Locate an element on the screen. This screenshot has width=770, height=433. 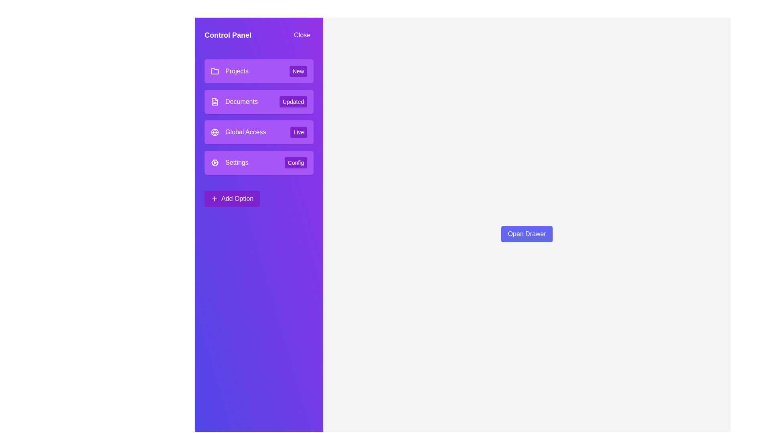
the menu item with the title Projects is located at coordinates (259, 71).